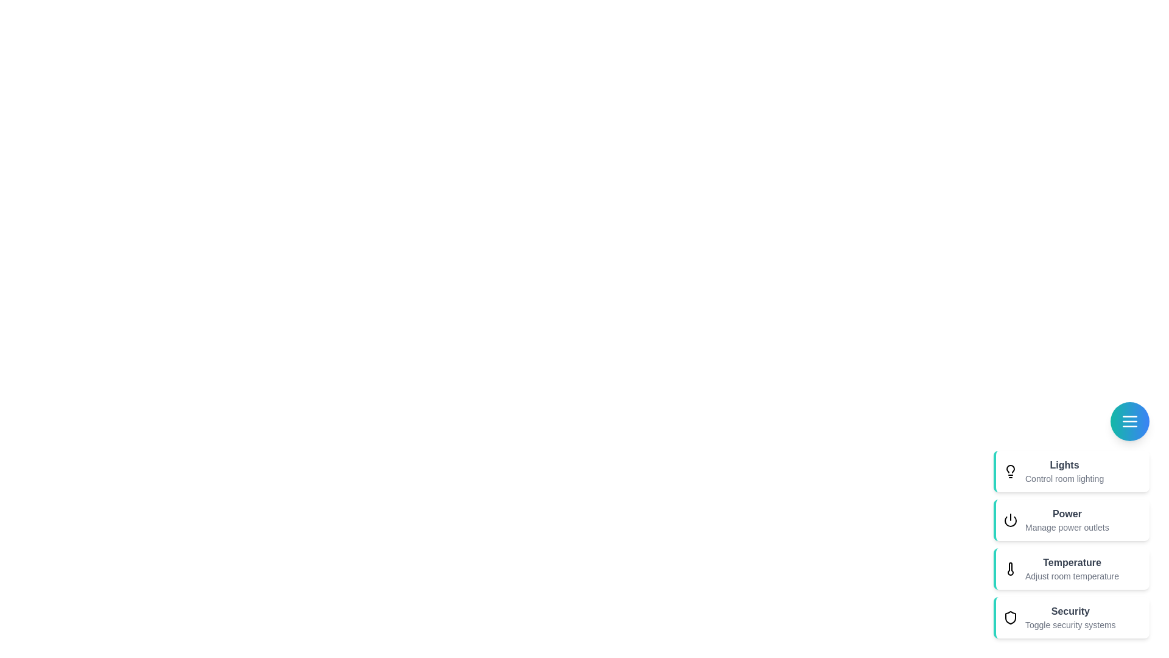 The image size is (1169, 658). What do you see at coordinates (1069, 618) in the screenshot?
I see `the action item Security to see its hover effect` at bounding box center [1069, 618].